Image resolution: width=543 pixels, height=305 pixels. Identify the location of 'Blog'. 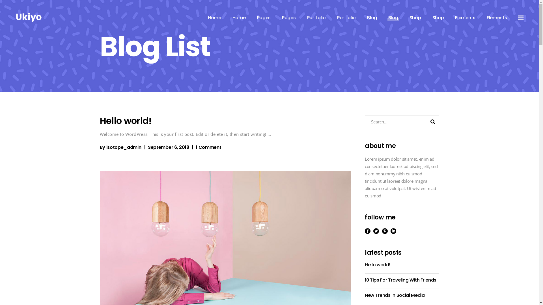
(372, 17).